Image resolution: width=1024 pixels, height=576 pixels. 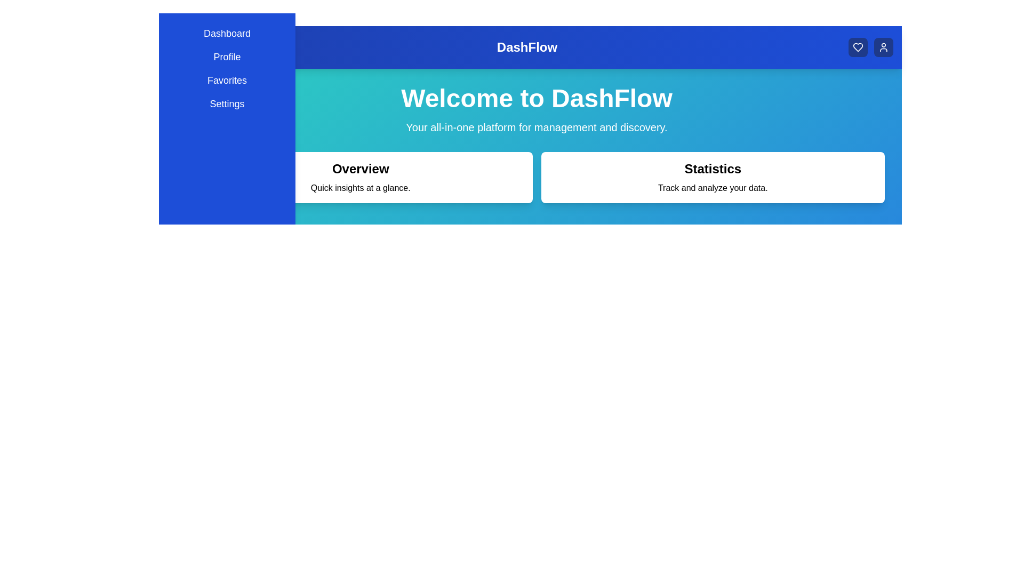 I want to click on the 'Heart' icon button, so click(x=858, y=46).